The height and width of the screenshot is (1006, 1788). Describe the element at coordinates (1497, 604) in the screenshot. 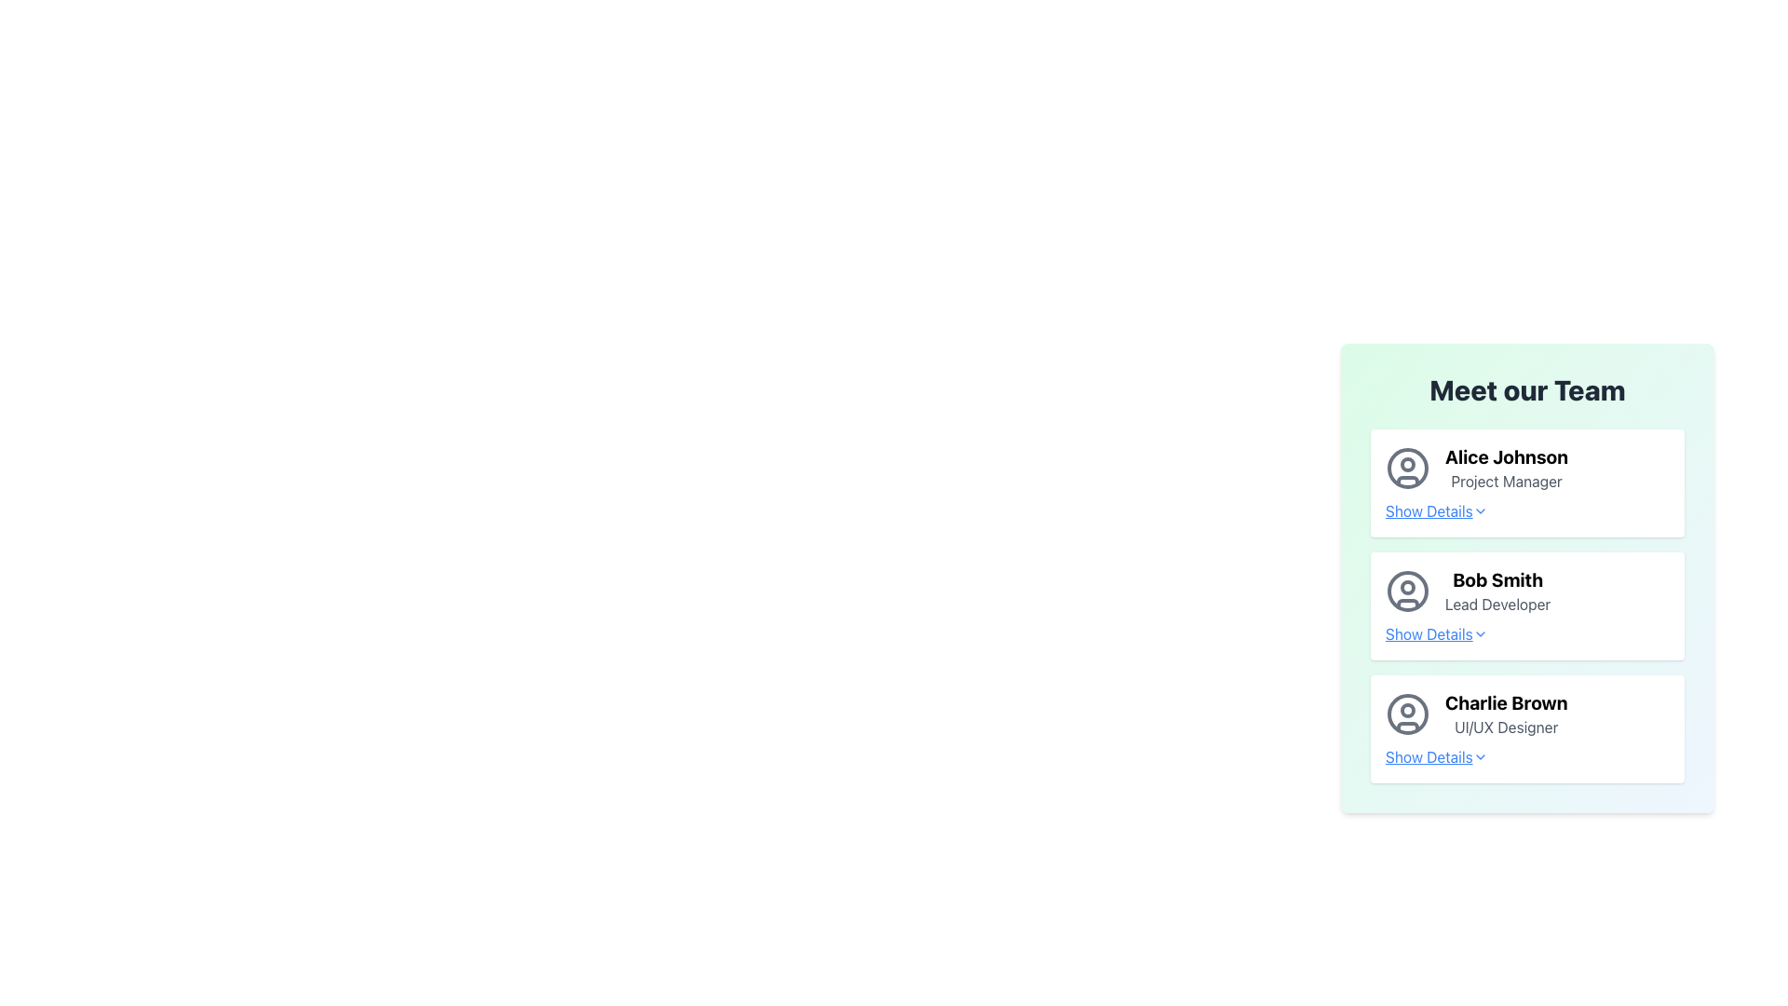

I see `the text element that reads 'Lead Developer', which is styled in medium gray sans-serif font` at that location.